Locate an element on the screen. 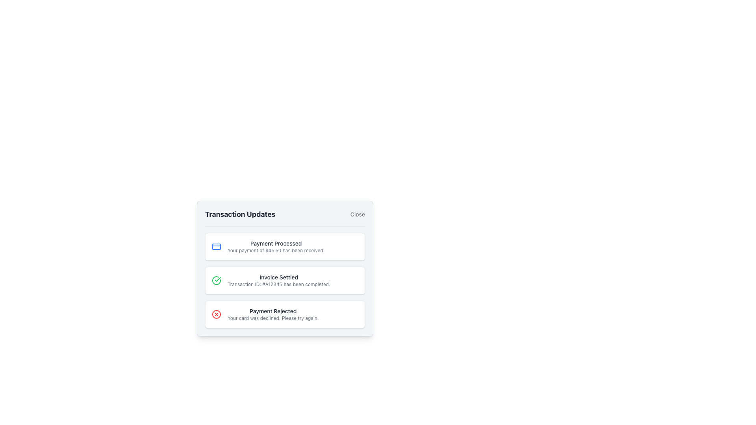  Text Label displaying 'Transaction ID: #A12345 has been completed.' which is located below 'Invoice Settled' in the transaction updates section is located at coordinates (279, 284).